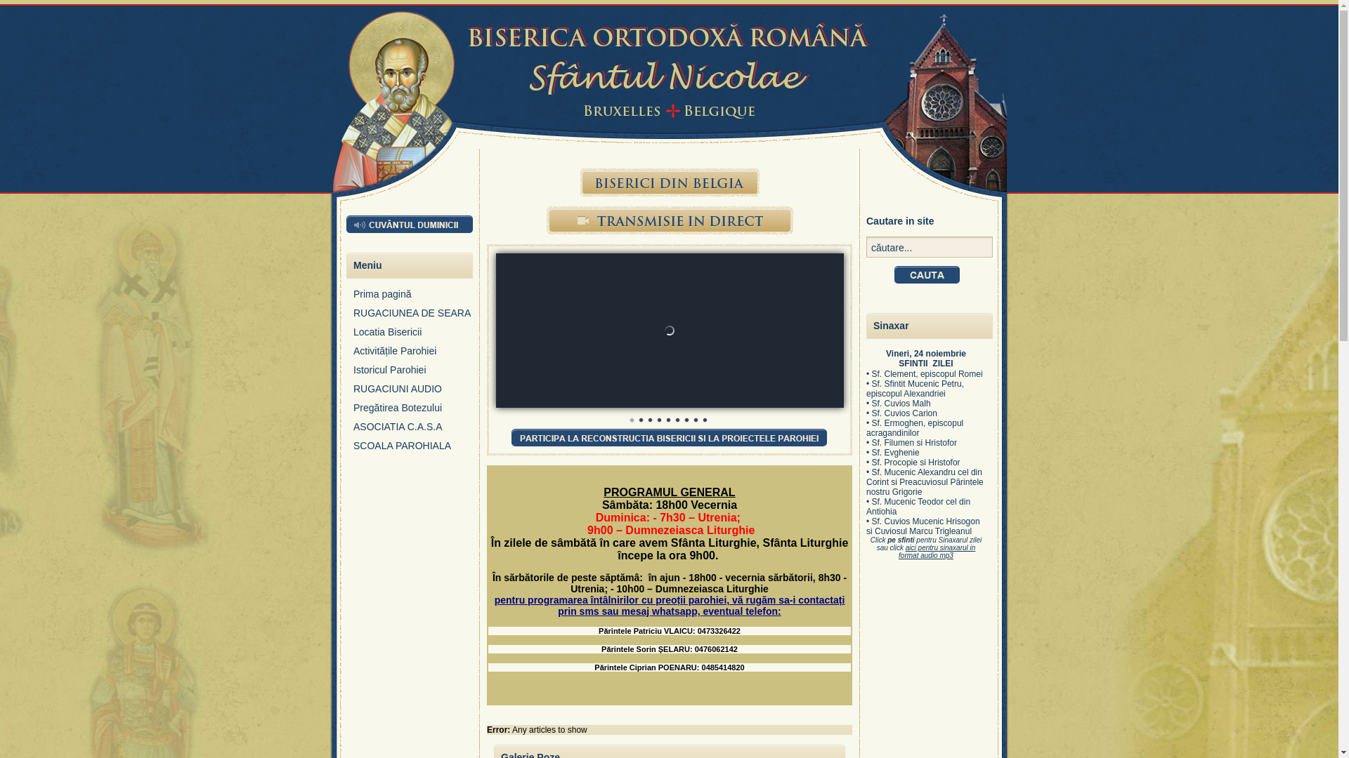  Describe the element at coordinates (412, 430) in the screenshot. I see `'ASOCIATIA C.A.S.A'` at that location.